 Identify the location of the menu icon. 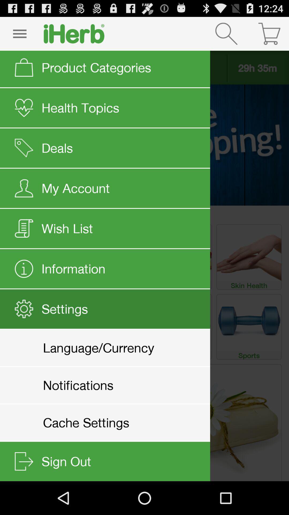
(19, 36).